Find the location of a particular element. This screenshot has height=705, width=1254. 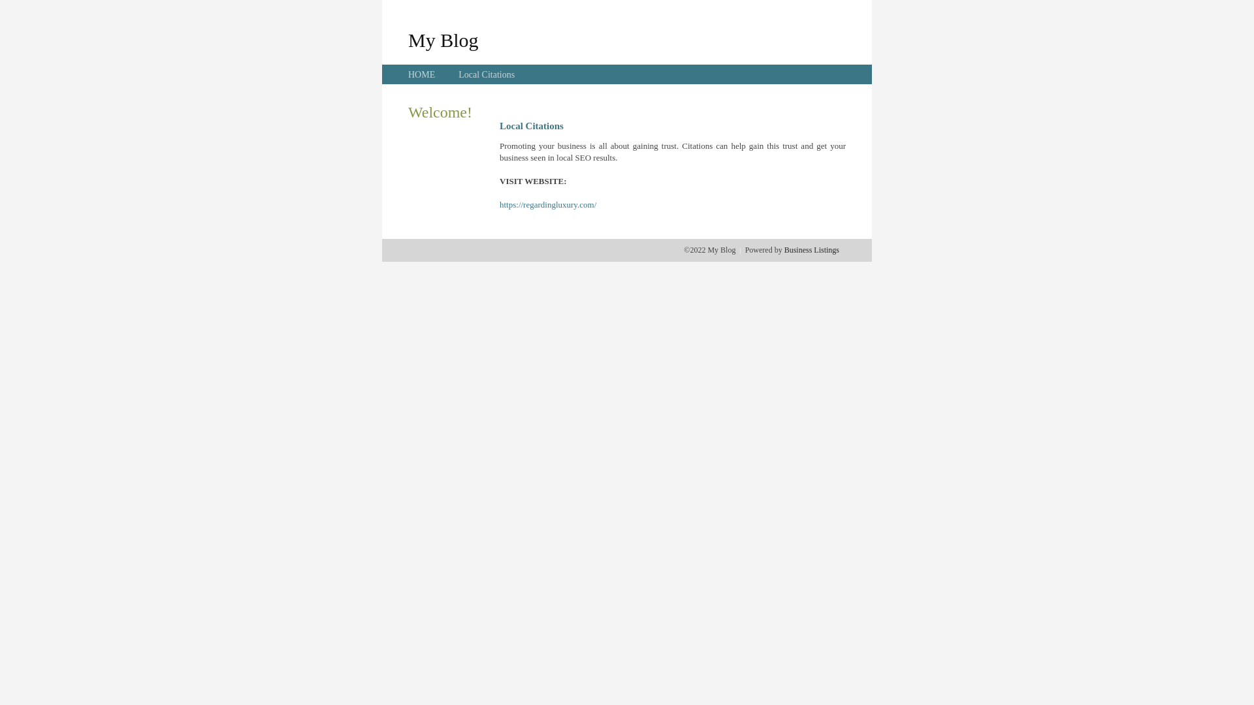

'HOME' is located at coordinates (407, 74).